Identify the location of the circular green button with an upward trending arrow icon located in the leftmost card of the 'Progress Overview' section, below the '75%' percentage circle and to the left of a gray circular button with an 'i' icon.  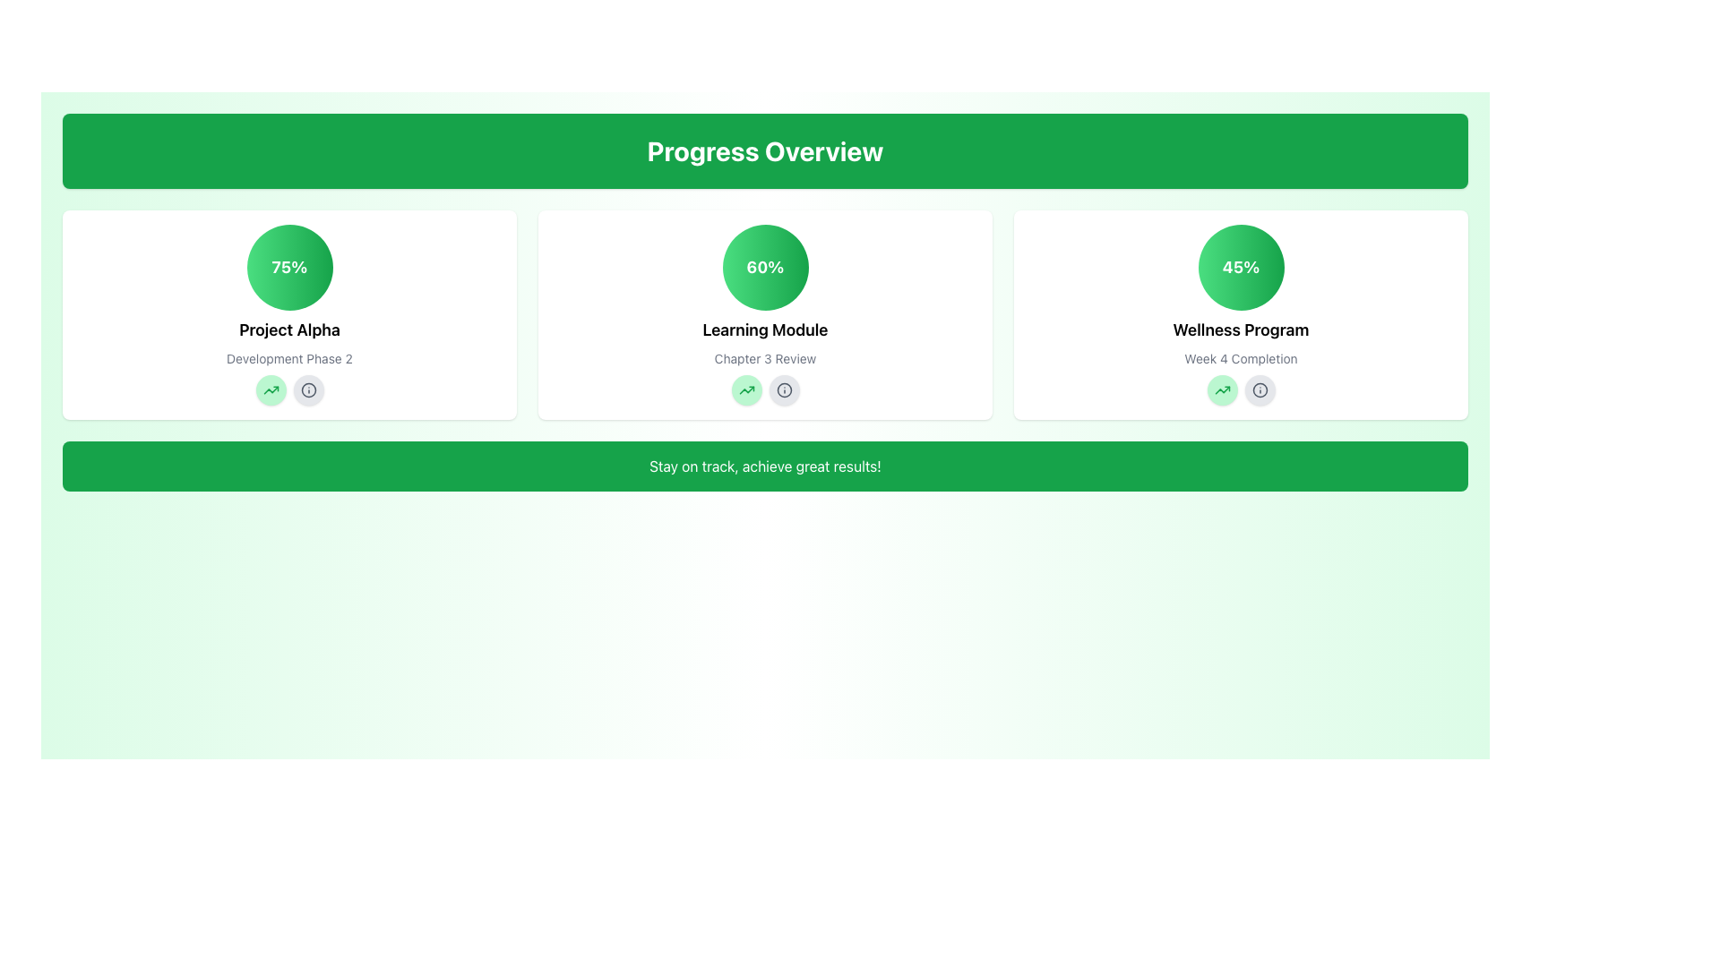
(270, 389).